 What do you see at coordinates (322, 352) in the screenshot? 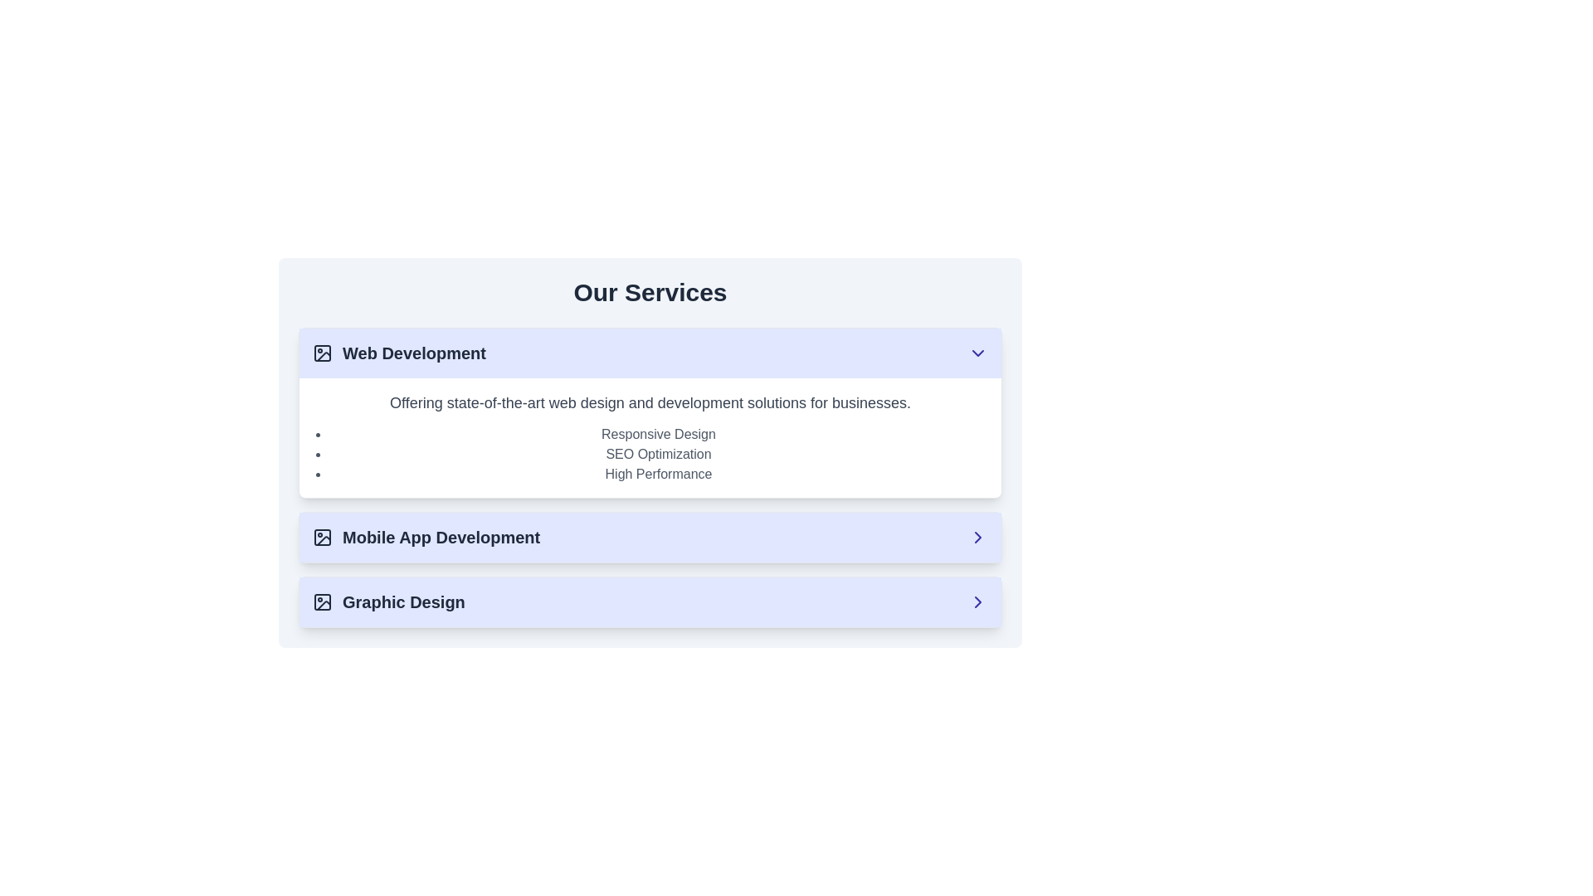
I see `the image icon located at the far-left side of the 'Web Development' section heading, preceding the text 'Web Development', which is part of the content block titled 'Our Services'` at bounding box center [322, 352].